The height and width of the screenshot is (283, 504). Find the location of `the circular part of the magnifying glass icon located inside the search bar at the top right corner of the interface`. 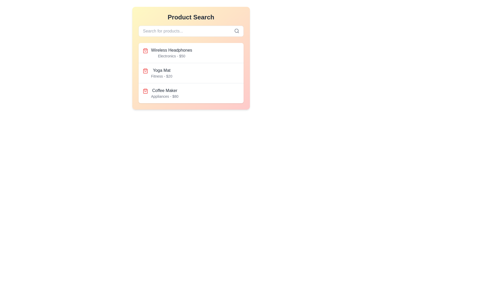

the circular part of the magnifying glass icon located inside the search bar at the top right corner of the interface is located at coordinates (236, 31).